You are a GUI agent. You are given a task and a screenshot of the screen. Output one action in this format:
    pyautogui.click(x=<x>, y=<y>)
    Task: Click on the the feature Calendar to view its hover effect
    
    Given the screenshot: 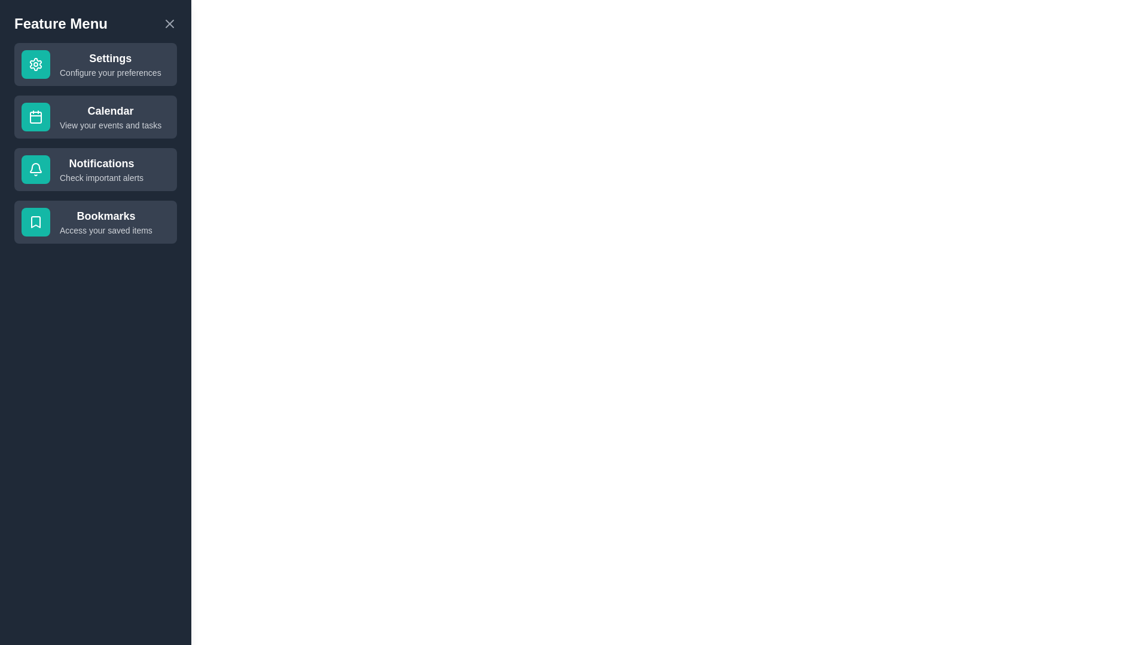 What is the action you would take?
    pyautogui.click(x=94, y=117)
    